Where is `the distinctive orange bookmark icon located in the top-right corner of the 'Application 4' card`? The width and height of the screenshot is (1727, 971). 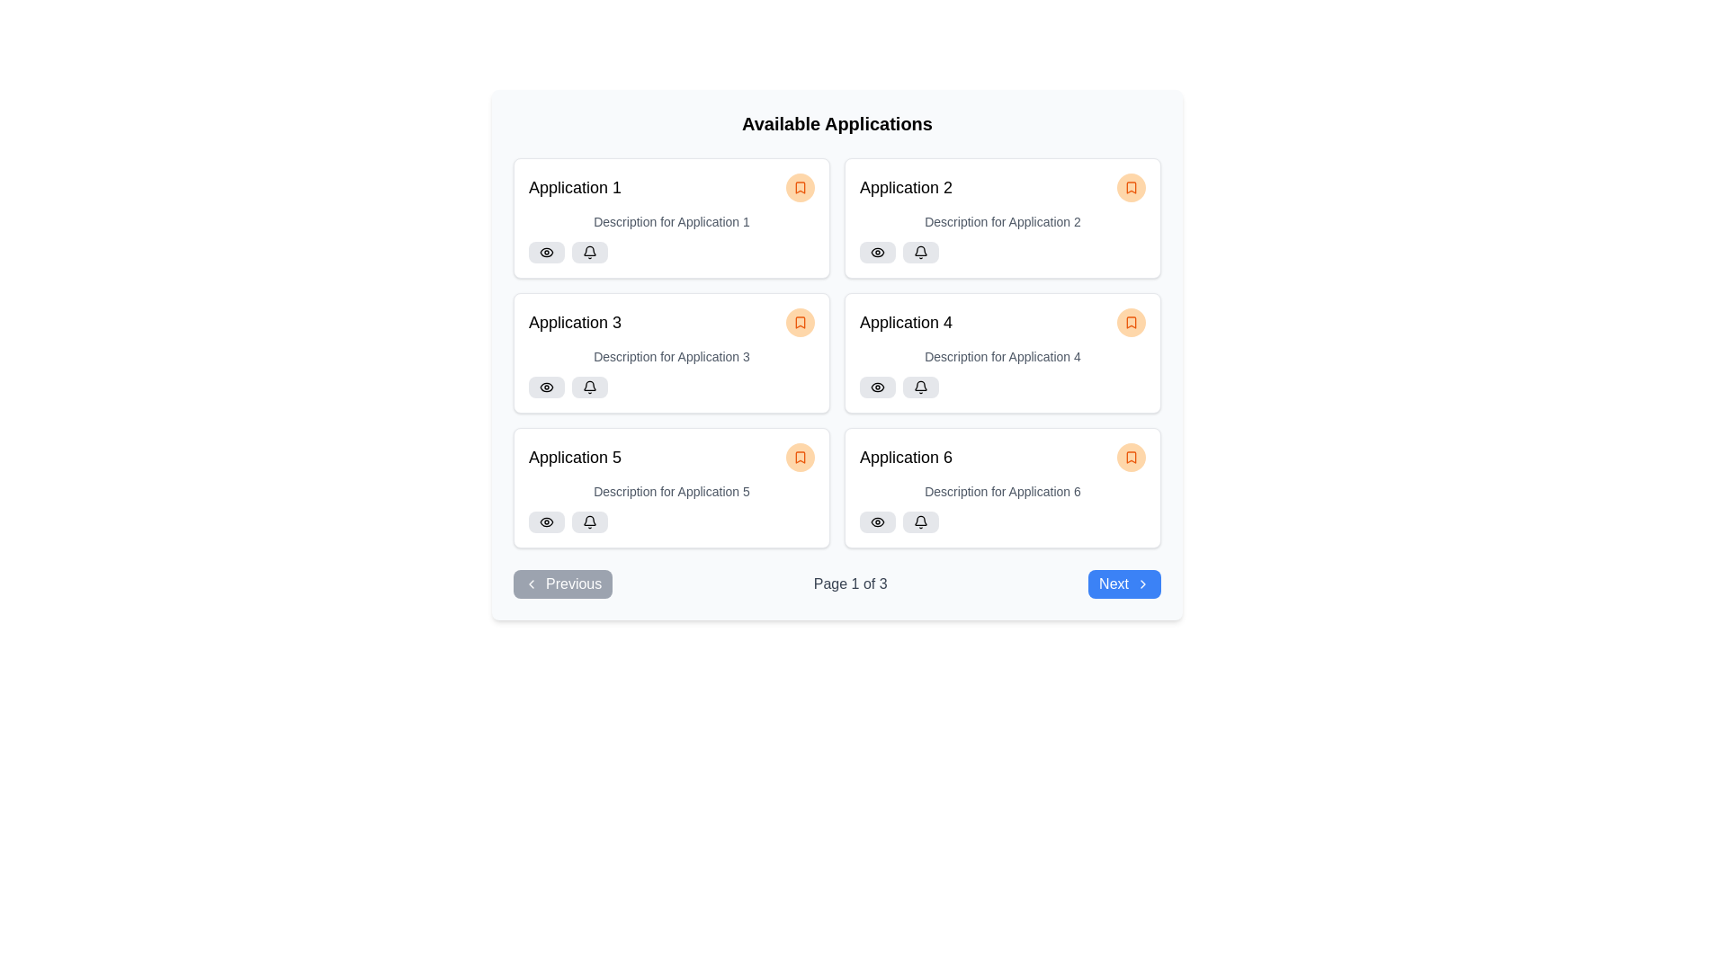 the distinctive orange bookmark icon located in the top-right corner of the 'Application 4' card is located at coordinates (1130, 321).